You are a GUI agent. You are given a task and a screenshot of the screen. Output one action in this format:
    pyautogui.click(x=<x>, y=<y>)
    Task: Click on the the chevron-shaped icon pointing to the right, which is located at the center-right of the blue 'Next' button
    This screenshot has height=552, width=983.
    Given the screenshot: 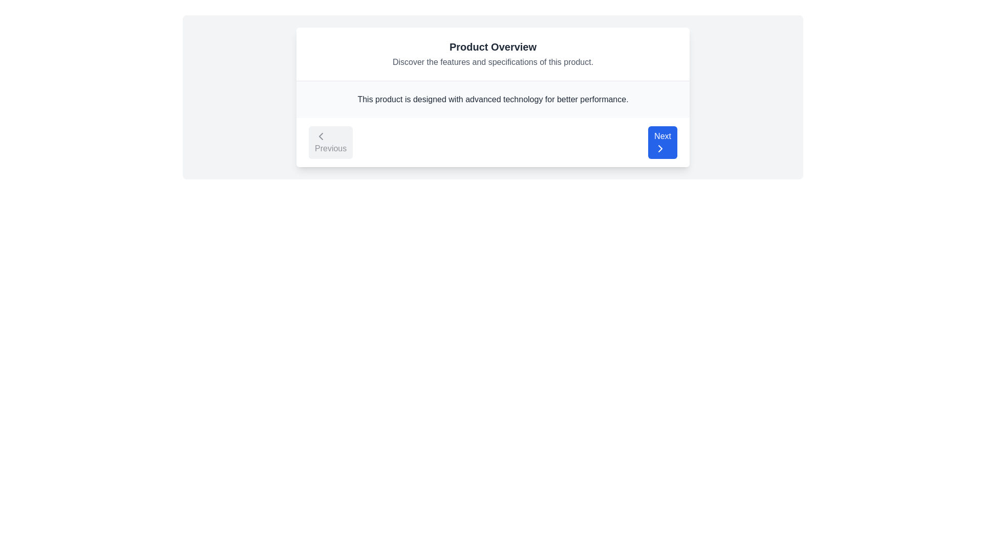 What is the action you would take?
    pyautogui.click(x=660, y=148)
    